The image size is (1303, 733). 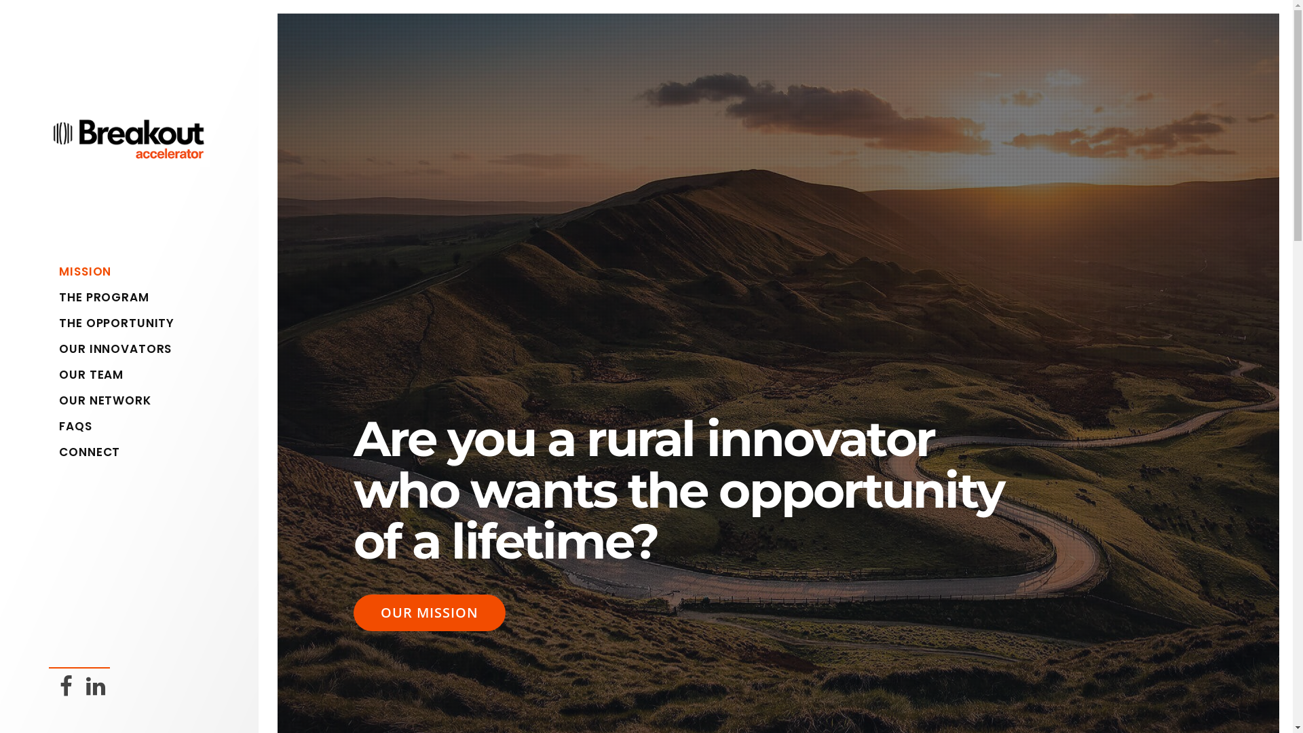 What do you see at coordinates (134, 452) in the screenshot?
I see `'CONNECT'` at bounding box center [134, 452].